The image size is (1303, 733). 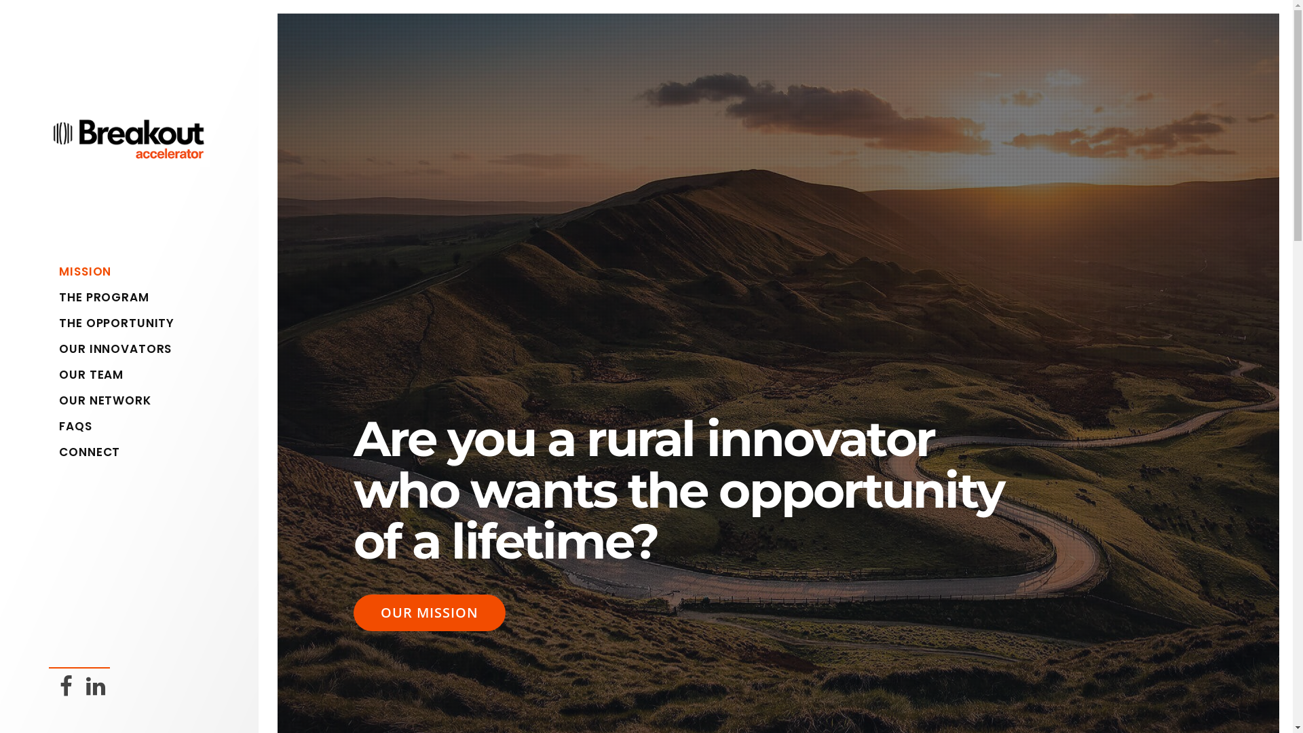 What do you see at coordinates (134, 452) in the screenshot?
I see `'CONNECT'` at bounding box center [134, 452].